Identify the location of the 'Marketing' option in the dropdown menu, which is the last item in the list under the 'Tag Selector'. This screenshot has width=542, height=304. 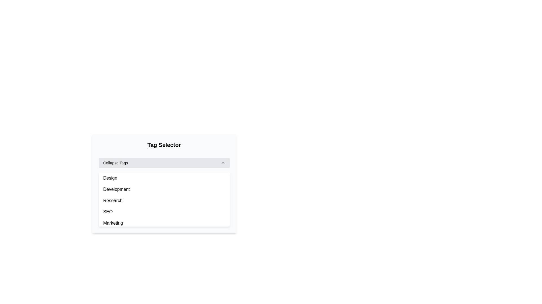
(113, 223).